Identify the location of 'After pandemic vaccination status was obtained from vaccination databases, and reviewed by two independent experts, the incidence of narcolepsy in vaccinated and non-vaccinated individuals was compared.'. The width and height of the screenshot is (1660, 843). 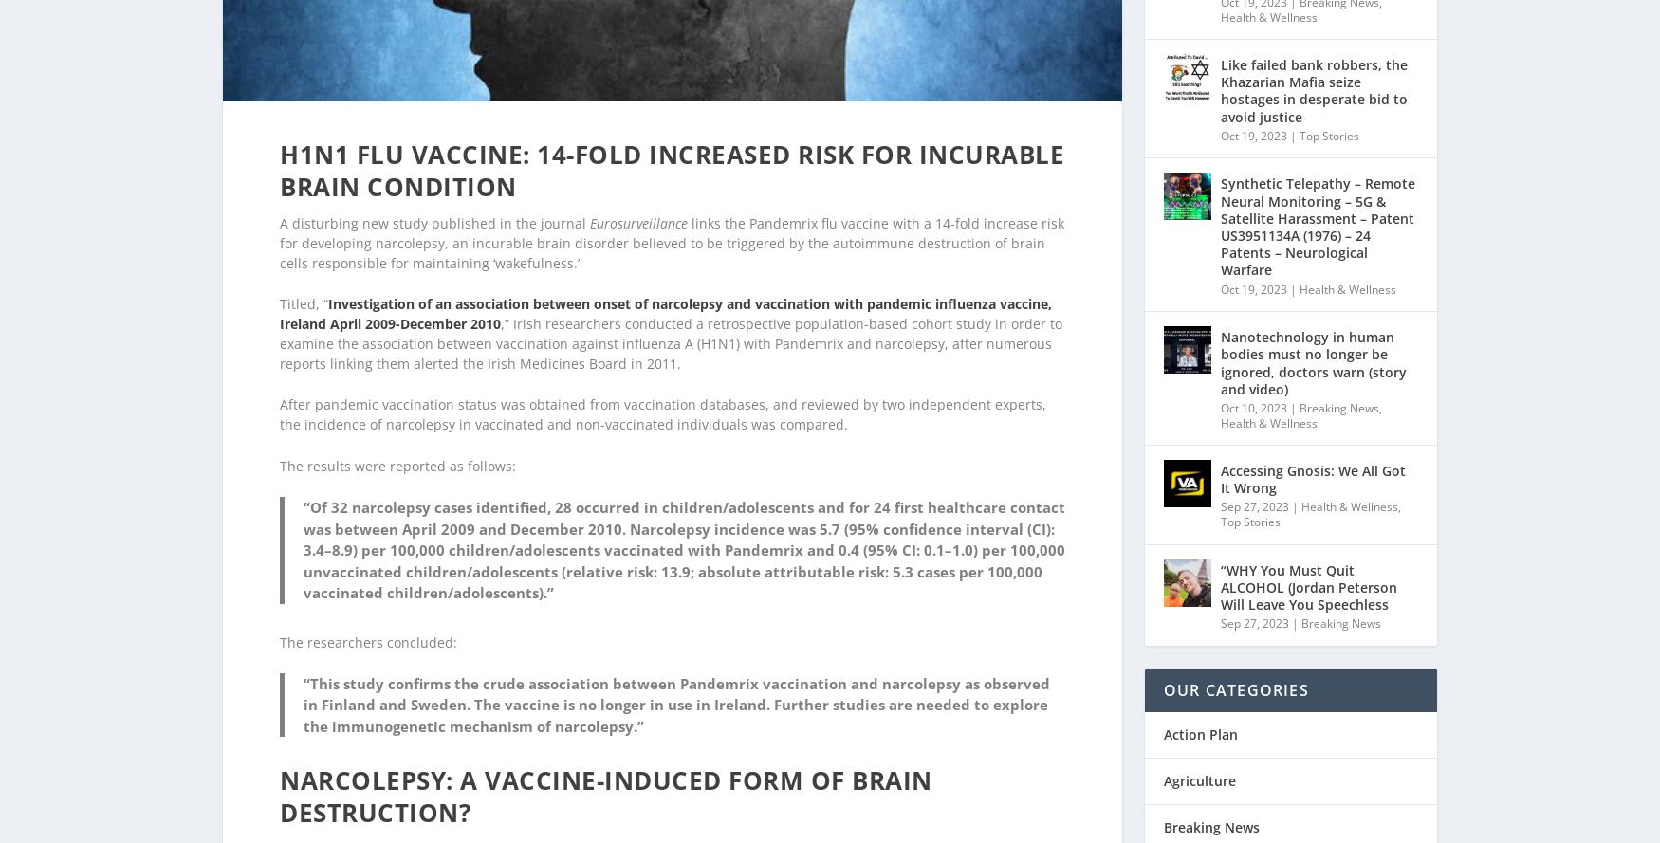
(279, 389).